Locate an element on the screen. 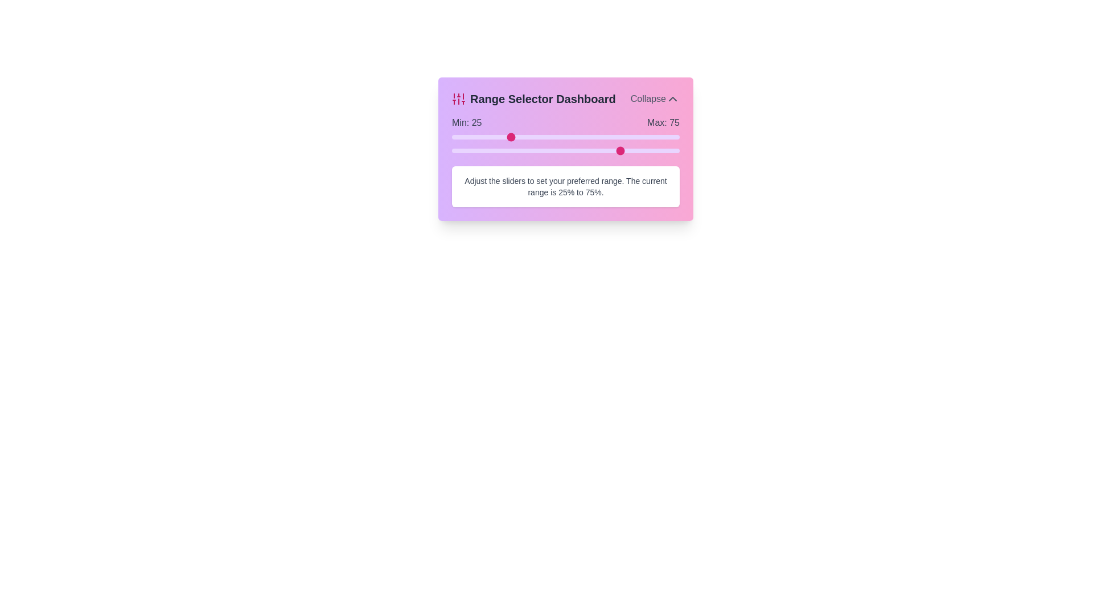  the maximum range slider to 56% is located at coordinates (579, 150).